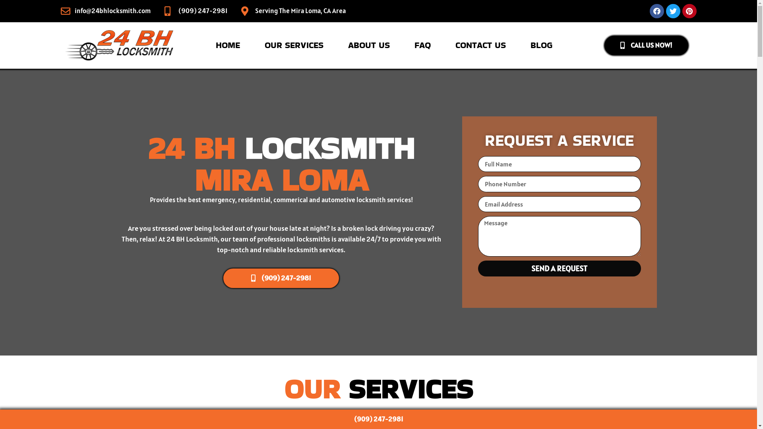 The width and height of the screenshot is (763, 429). I want to click on 'SEND A REQUEST', so click(558, 268).